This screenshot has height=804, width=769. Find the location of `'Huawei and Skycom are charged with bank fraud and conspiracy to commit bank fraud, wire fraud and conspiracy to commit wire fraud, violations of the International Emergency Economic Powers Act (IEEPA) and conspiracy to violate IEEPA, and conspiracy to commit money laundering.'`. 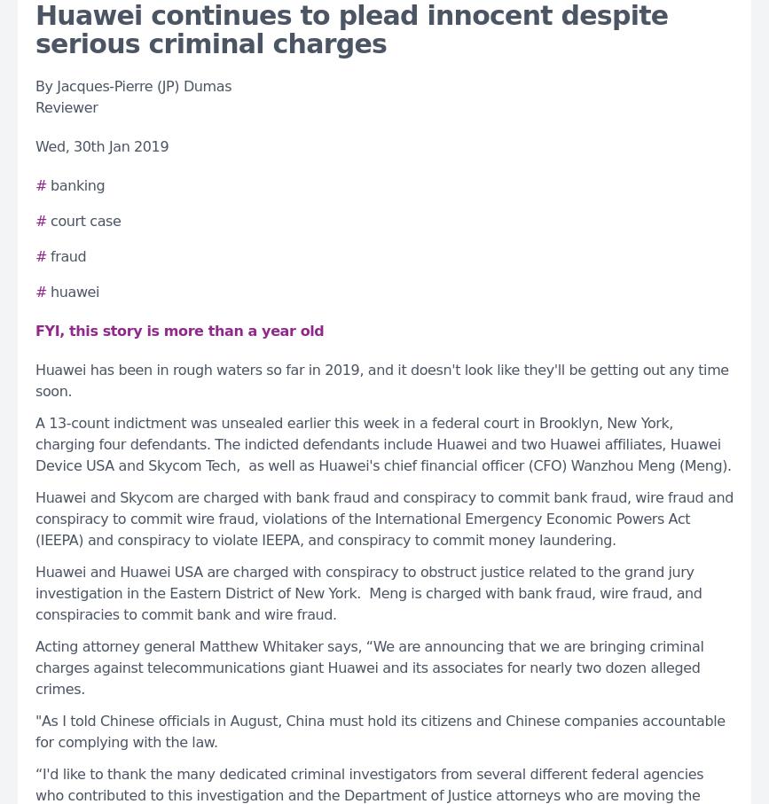

'Huawei and Skycom are charged with bank fraud and conspiracy to commit bank fraud, wire fraud and conspiracy to commit wire fraud, violations of the International Emergency Economic Powers Act (IEEPA) and conspiracy to violate IEEPA, and conspiracy to commit money laundering.' is located at coordinates (383, 517).